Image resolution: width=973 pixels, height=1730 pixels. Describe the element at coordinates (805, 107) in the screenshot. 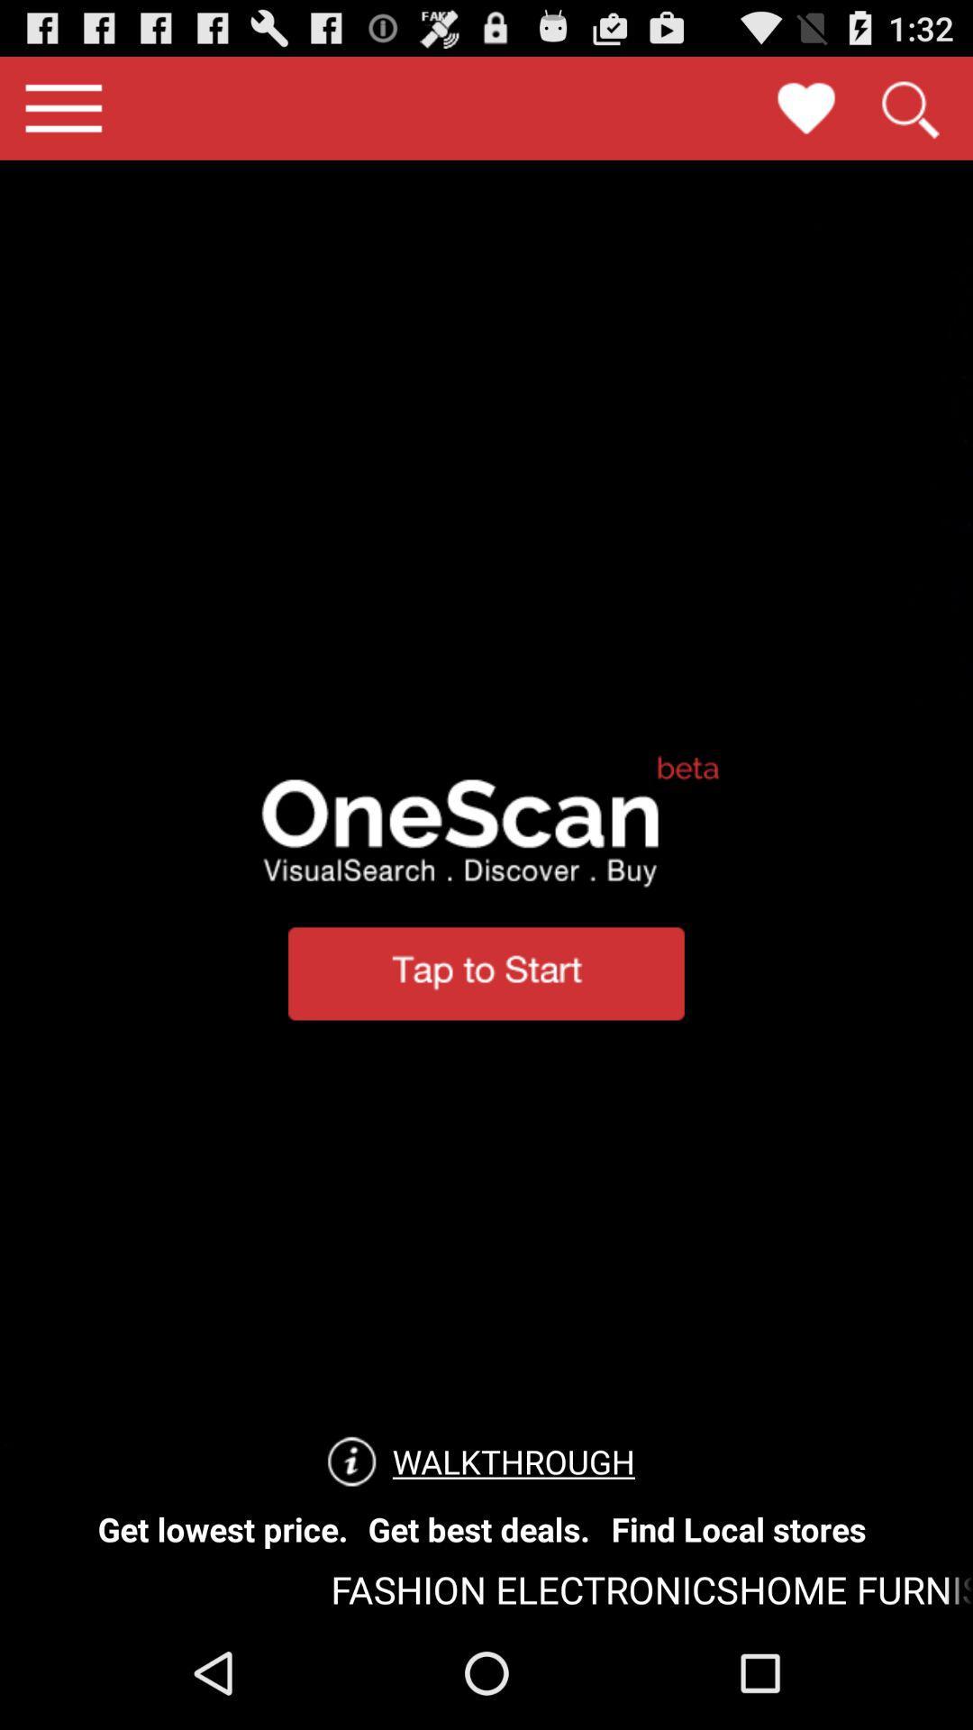

I see `mark as a favorite` at that location.